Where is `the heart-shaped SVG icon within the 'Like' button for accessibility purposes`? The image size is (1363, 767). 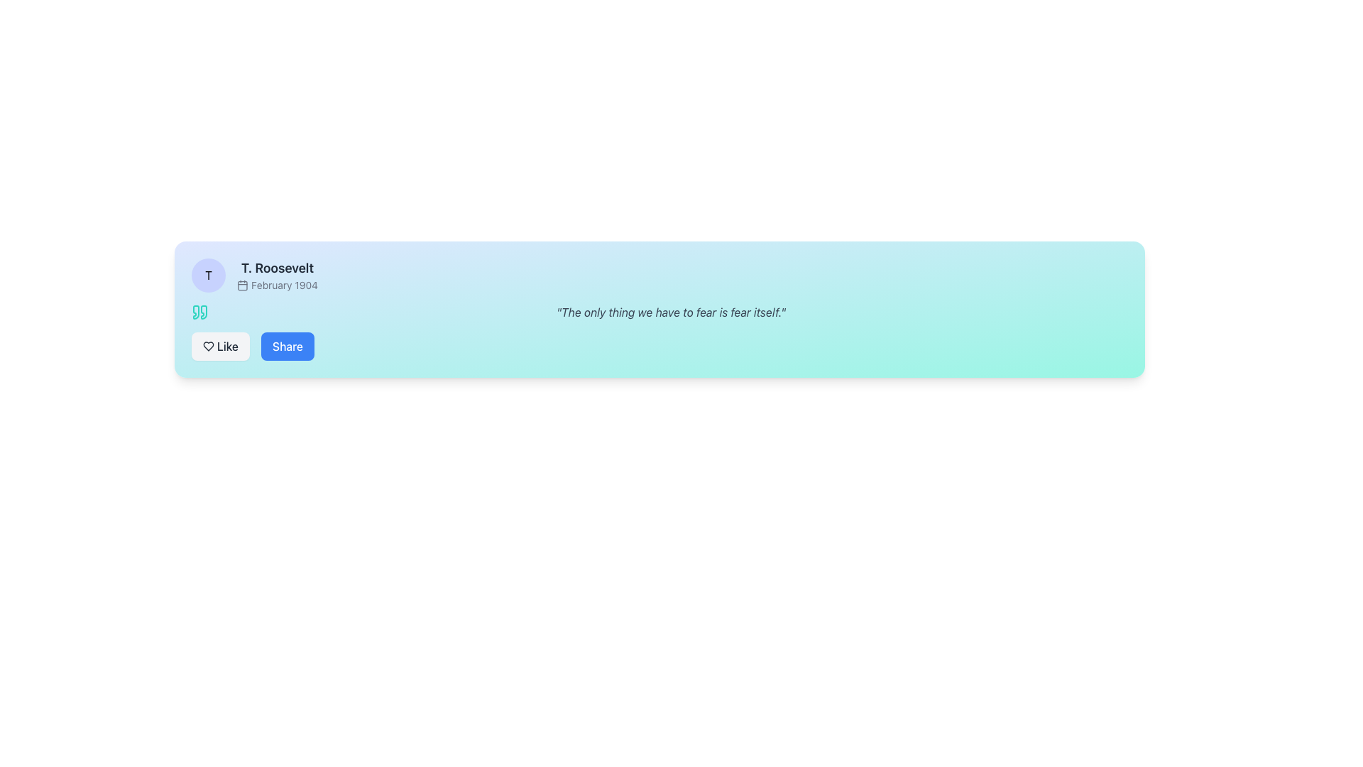
the heart-shaped SVG icon within the 'Like' button for accessibility purposes is located at coordinates (207, 347).